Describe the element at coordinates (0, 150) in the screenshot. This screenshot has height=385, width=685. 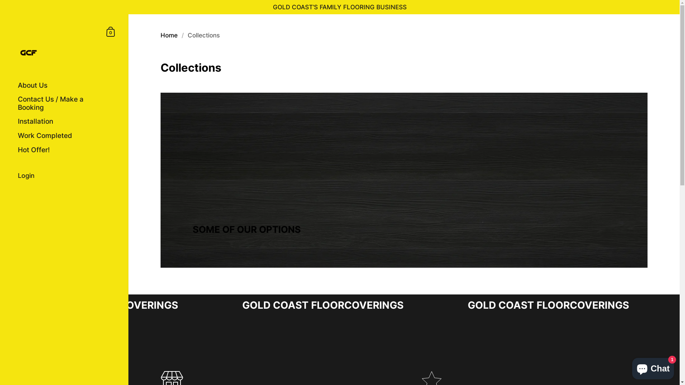
I see `'Hot Offer!'` at that location.